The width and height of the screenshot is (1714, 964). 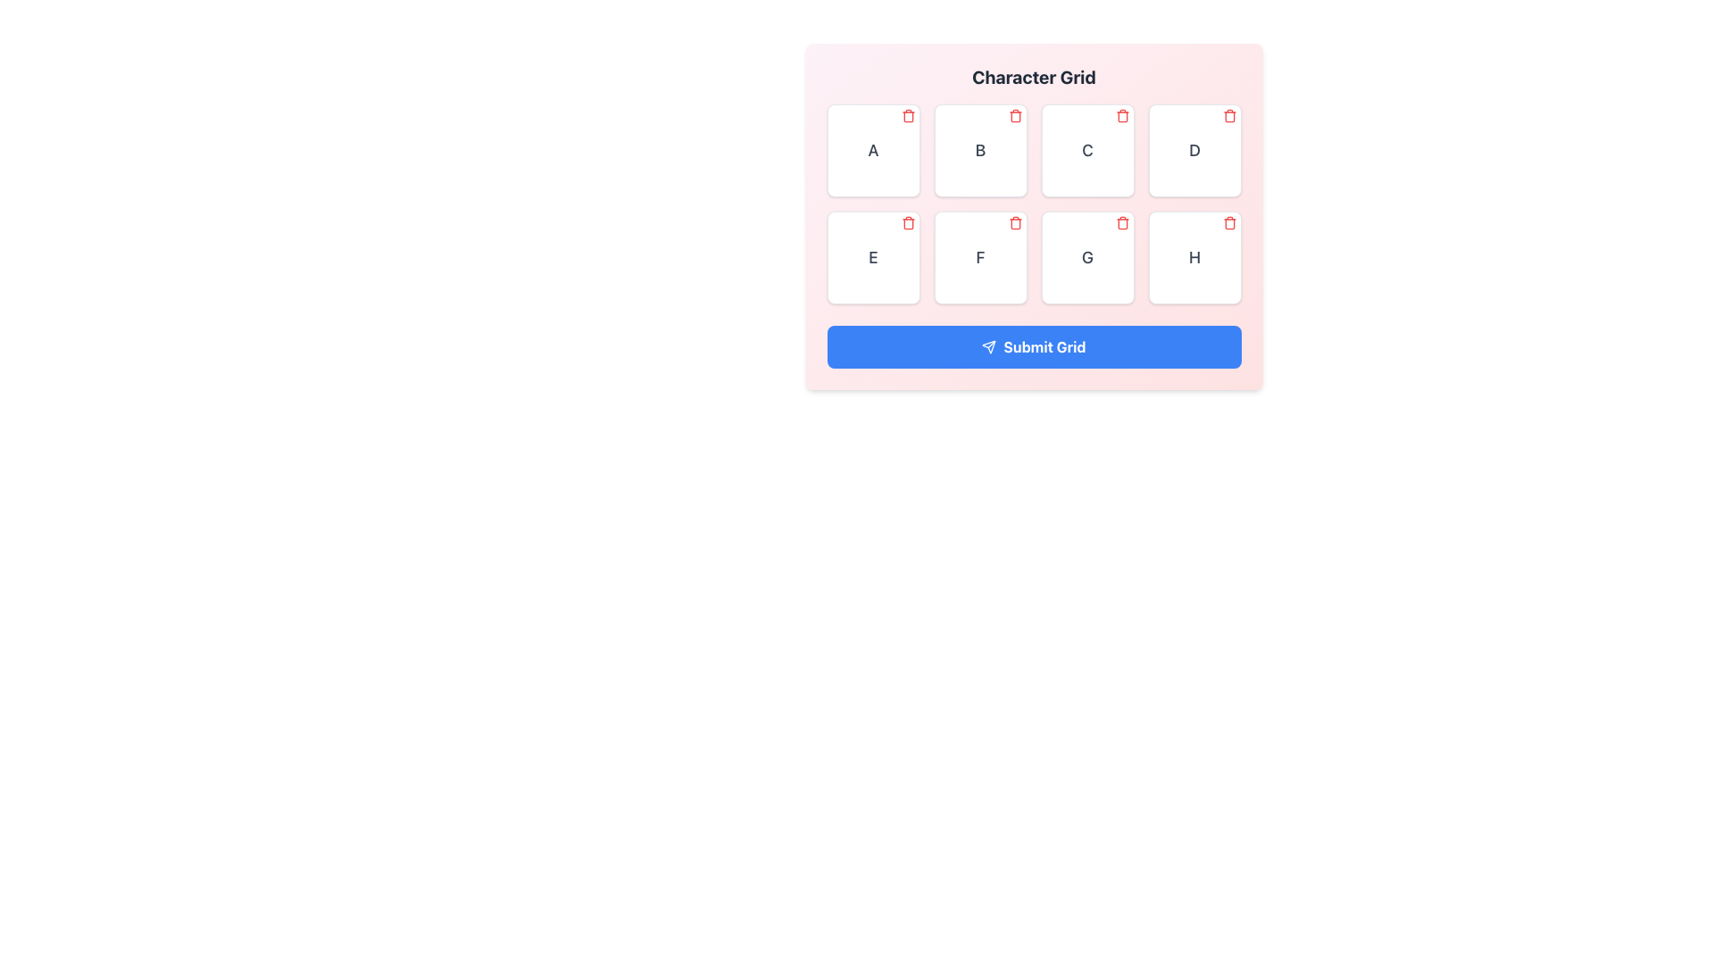 I want to click on the red trash icon located in the upper-right corner of the card containing the letter 'H', so click(x=1228, y=222).